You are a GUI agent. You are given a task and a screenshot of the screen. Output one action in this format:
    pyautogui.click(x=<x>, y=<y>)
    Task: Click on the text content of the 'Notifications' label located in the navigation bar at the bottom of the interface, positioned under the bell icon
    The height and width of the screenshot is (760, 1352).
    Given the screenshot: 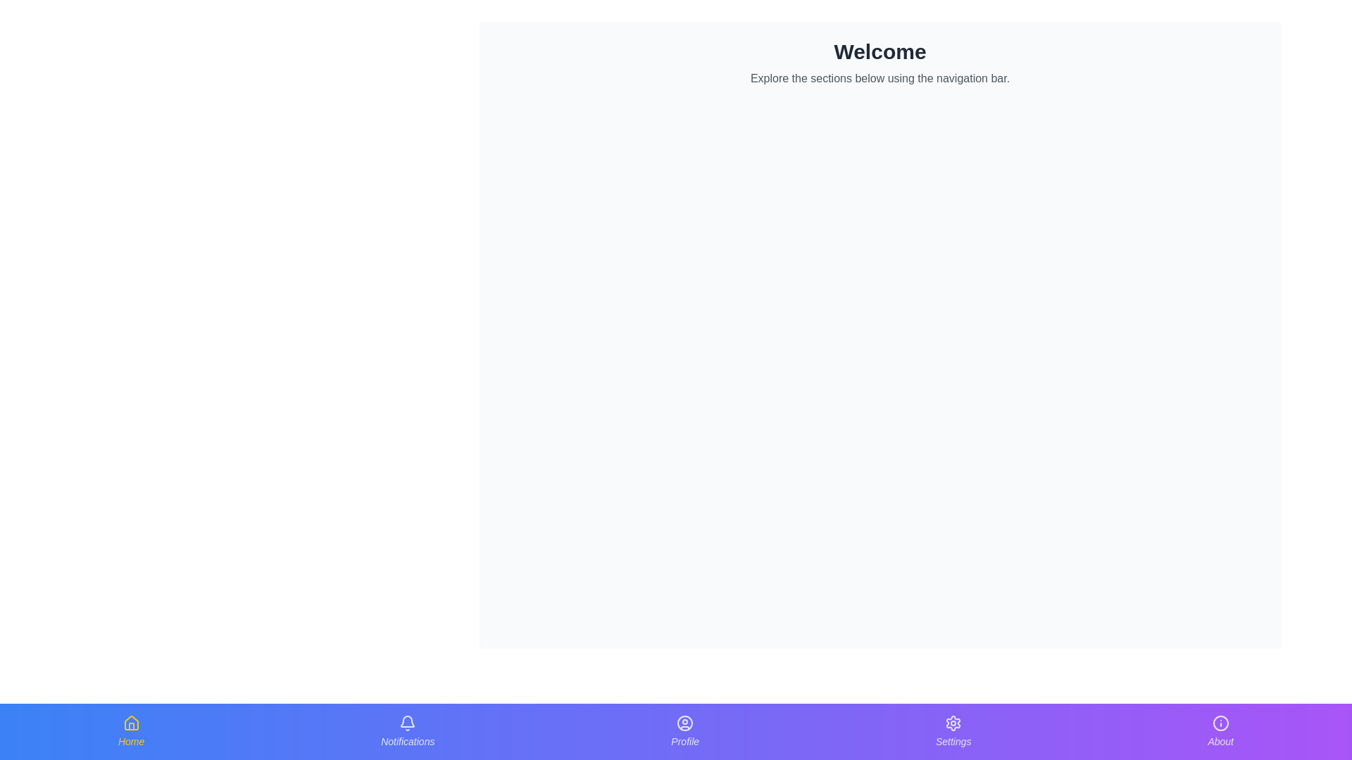 What is the action you would take?
    pyautogui.click(x=407, y=740)
    